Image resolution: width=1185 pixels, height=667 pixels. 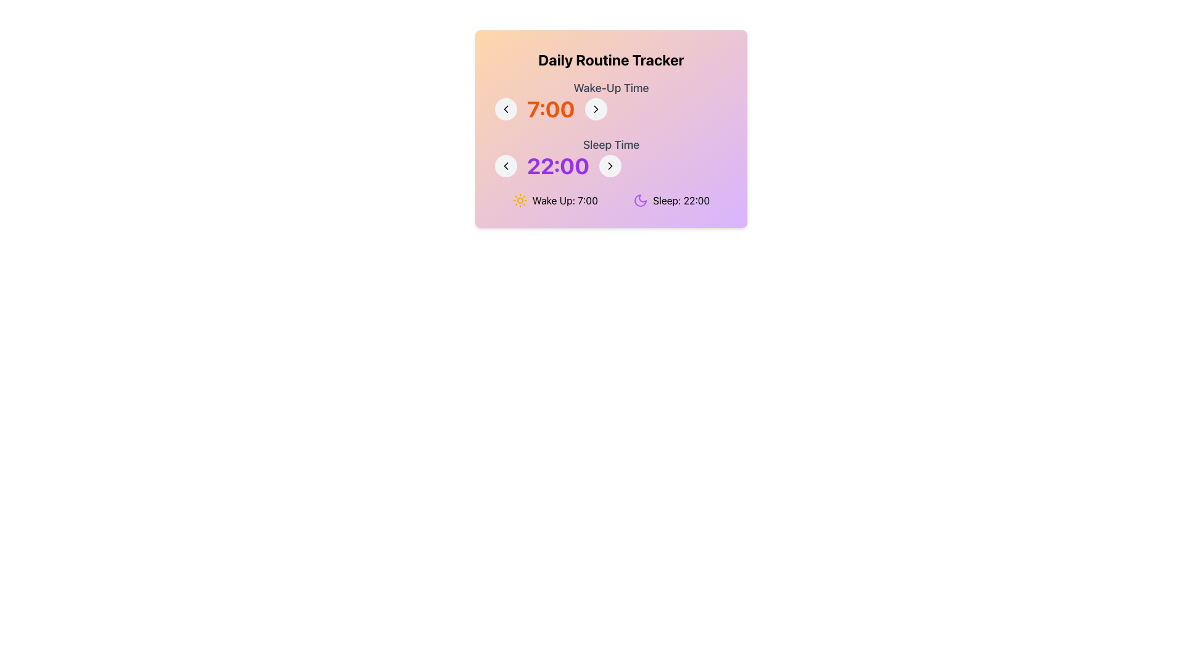 I want to click on the static display element for the configured wake-up time, located centrally within the 'Wake-Up Time' section, so click(x=550, y=109).